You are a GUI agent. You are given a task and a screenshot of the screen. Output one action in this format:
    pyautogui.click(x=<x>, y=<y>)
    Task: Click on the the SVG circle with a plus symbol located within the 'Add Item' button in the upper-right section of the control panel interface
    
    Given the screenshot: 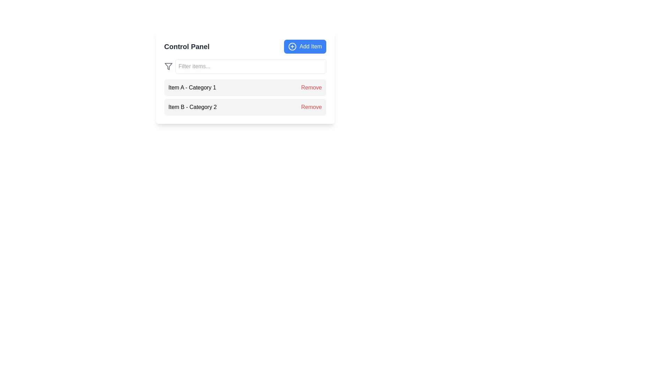 What is the action you would take?
    pyautogui.click(x=292, y=47)
    